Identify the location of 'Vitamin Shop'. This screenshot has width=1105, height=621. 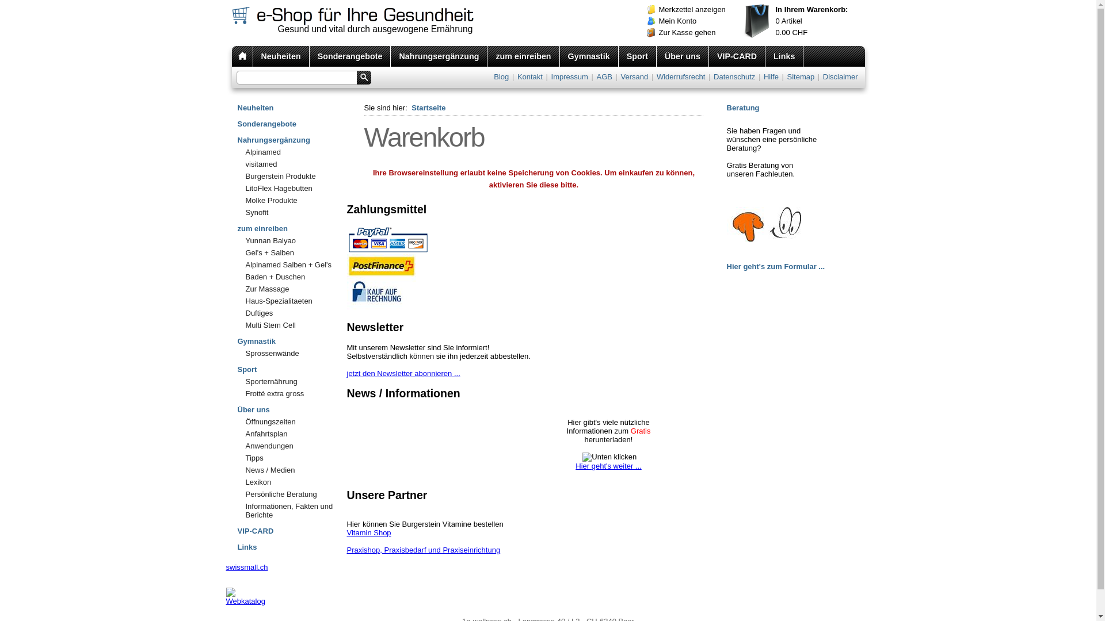
(368, 532).